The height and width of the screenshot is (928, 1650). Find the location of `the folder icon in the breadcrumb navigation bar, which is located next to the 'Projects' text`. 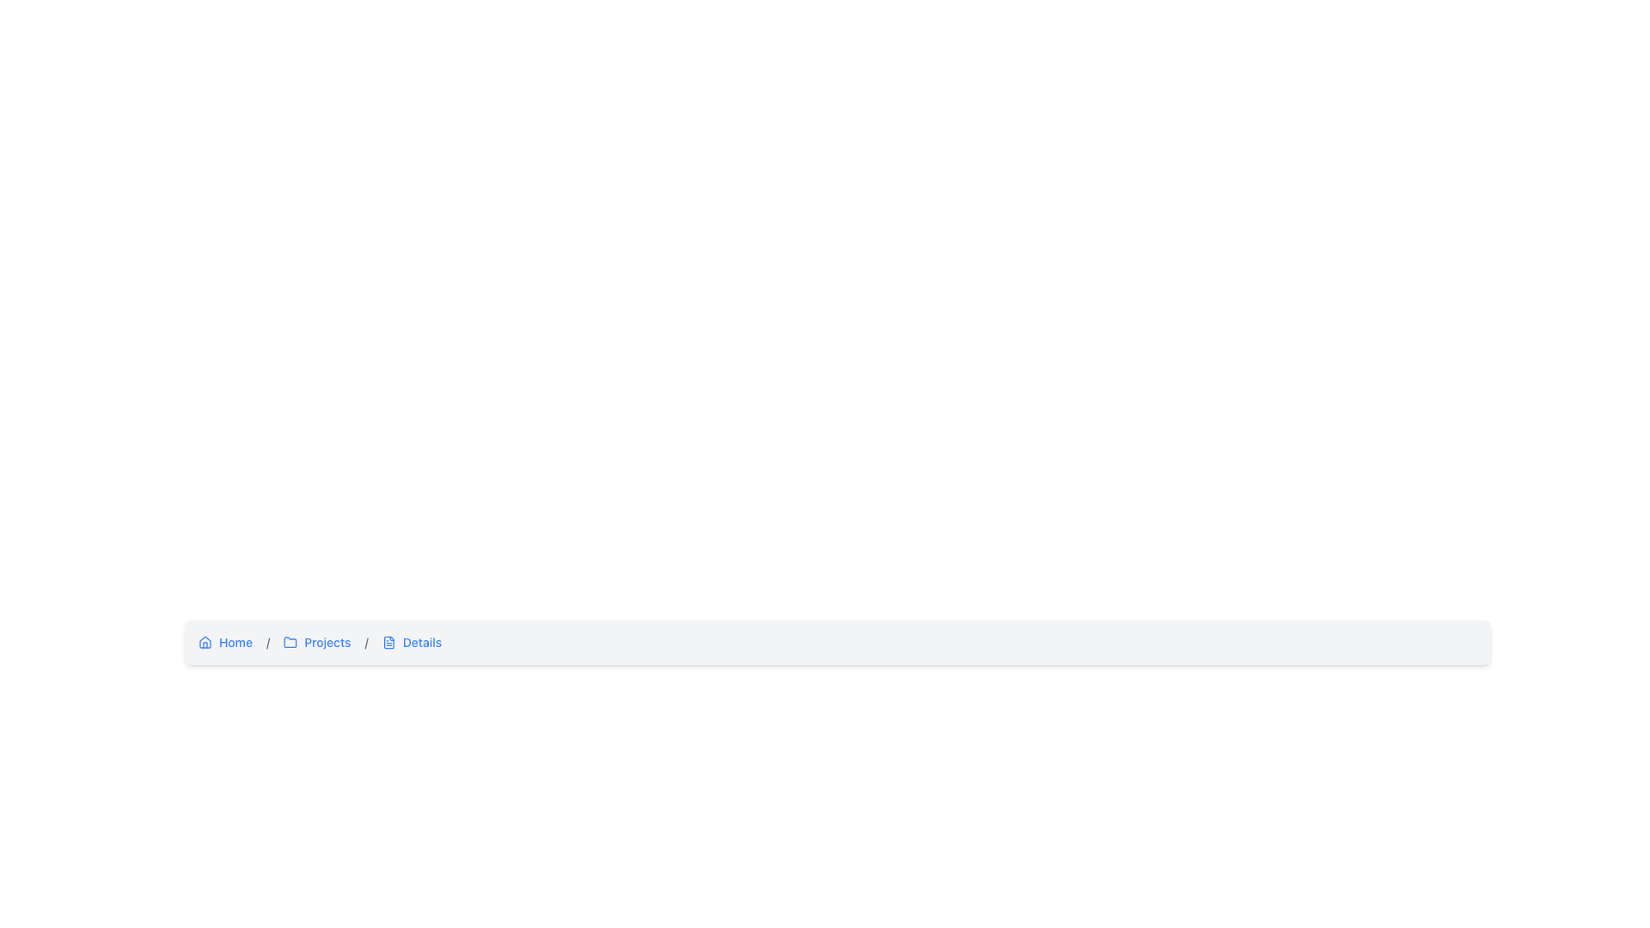

the folder icon in the breadcrumb navigation bar, which is located next to the 'Projects' text is located at coordinates (290, 642).